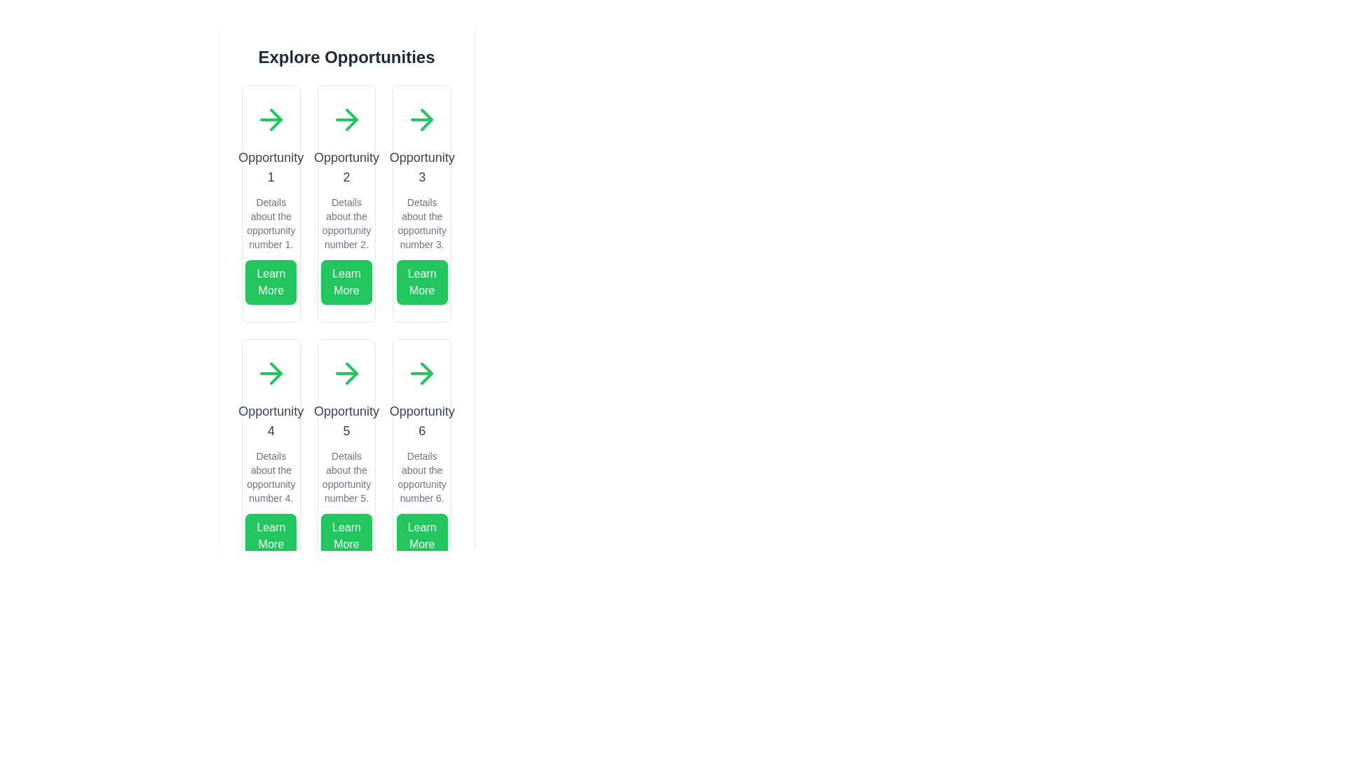 Image resolution: width=1346 pixels, height=757 pixels. What do you see at coordinates (426, 372) in the screenshot?
I see `the arrowhead icon component within the 'Opportunity 6' card` at bounding box center [426, 372].